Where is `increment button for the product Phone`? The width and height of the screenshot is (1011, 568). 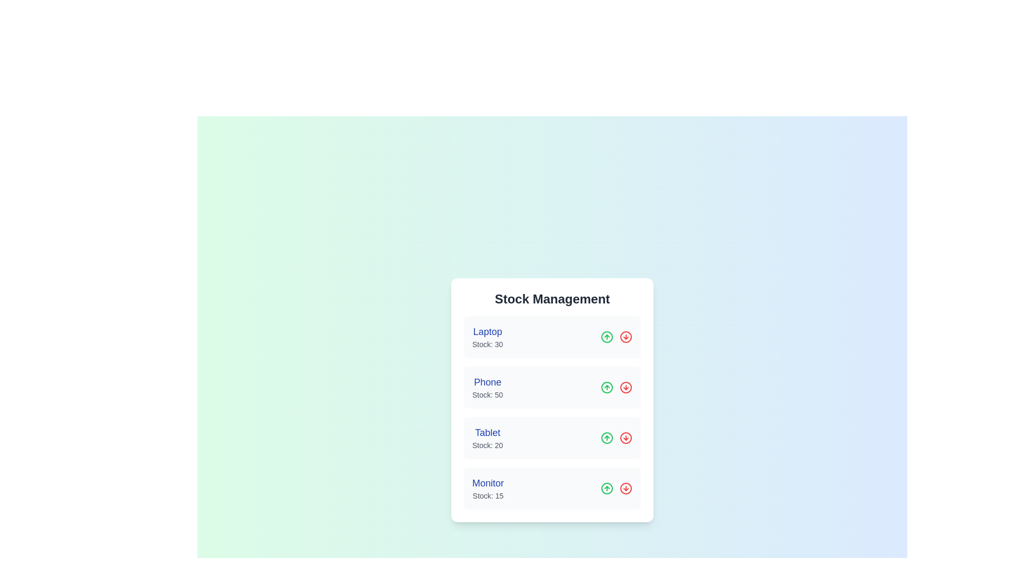
increment button for the product Phone is located at coordinates (607, 387).